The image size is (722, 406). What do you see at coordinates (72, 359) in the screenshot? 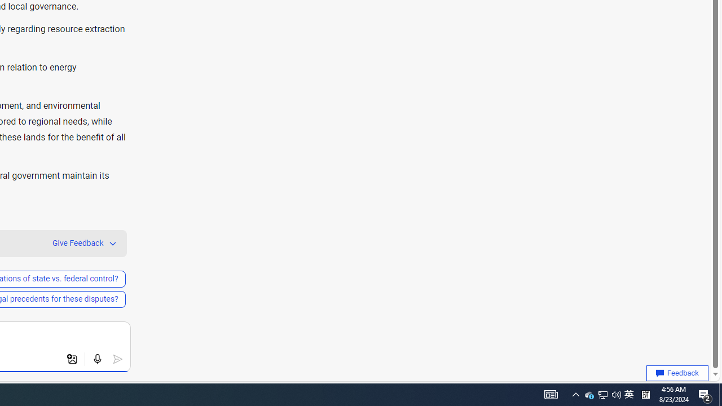
I see `'Add an image to search'` at bounding box center [72, 359].